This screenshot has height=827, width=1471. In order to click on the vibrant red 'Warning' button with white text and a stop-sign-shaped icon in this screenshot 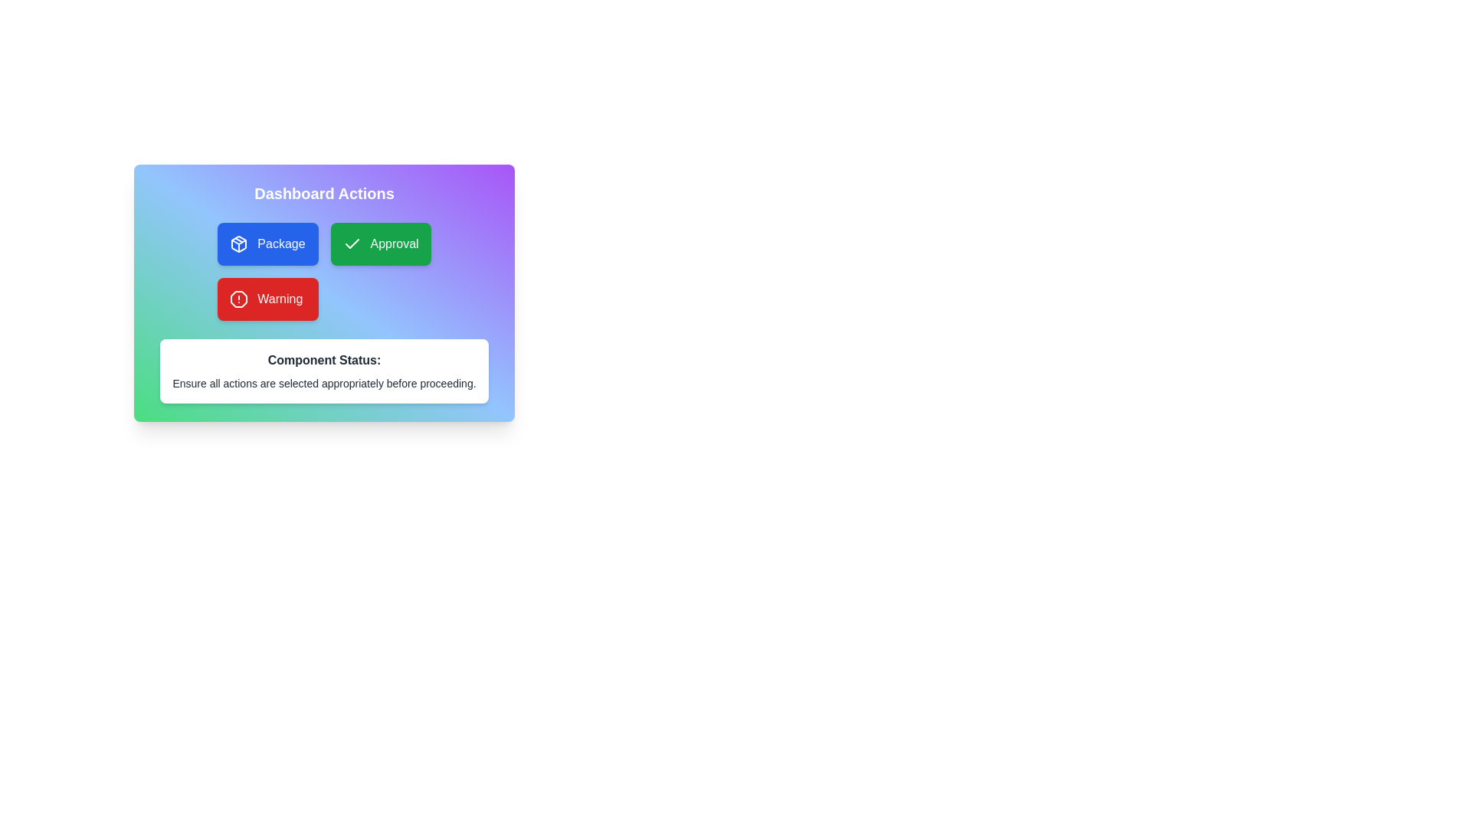, I will do `click(267, 299)`.